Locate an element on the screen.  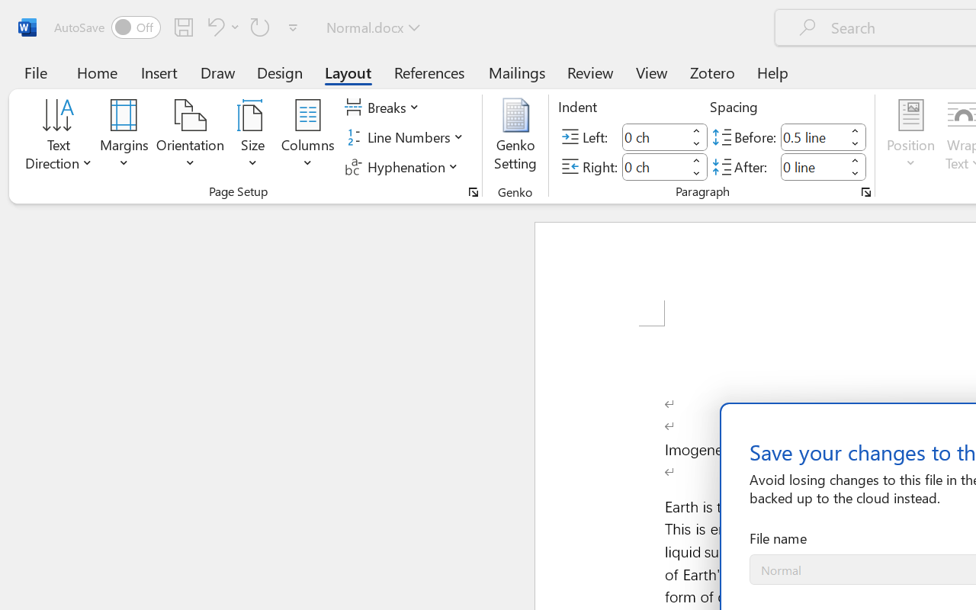
'Indent Right' is located at coordinates (654, 166).